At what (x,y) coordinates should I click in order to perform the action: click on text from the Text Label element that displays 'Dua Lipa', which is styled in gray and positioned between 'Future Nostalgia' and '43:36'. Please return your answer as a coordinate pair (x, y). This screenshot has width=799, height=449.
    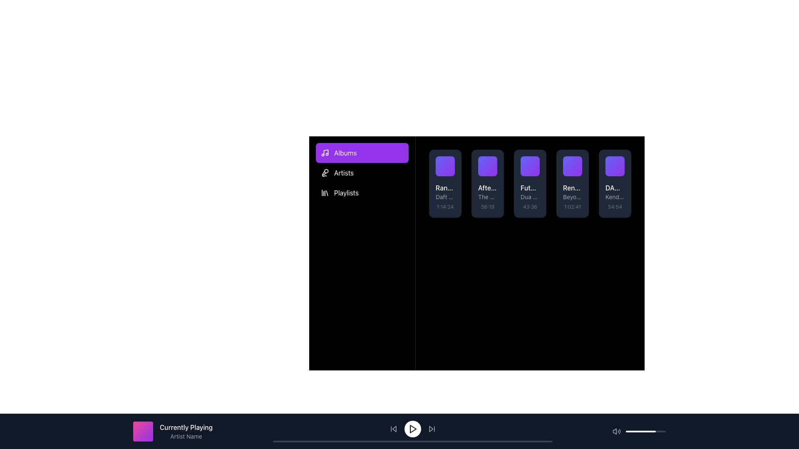
    Looking at the image, I should click on (529, 197).